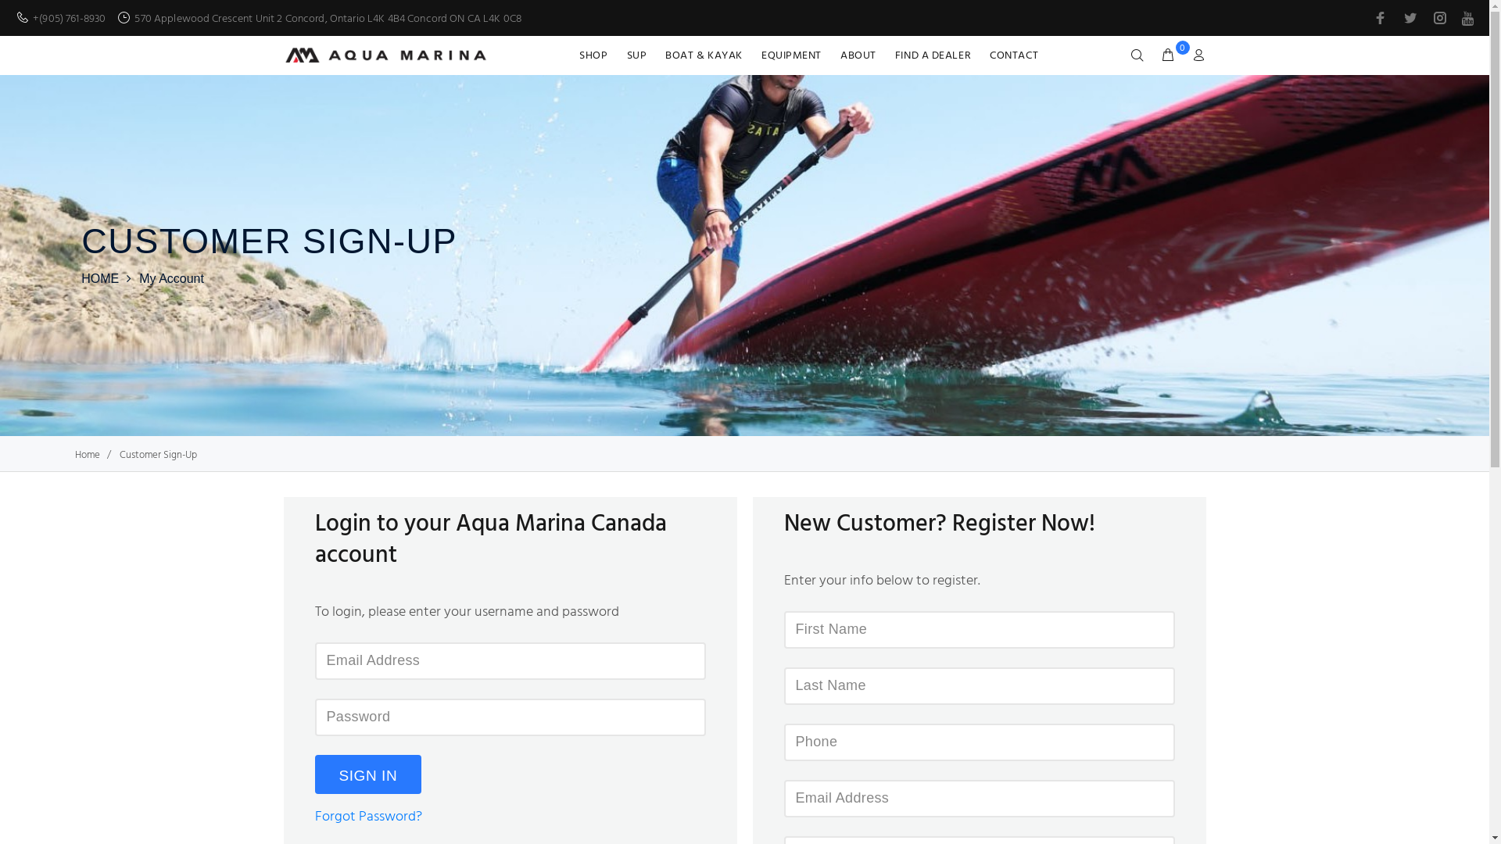 This screenshot has width=1501, height=844. Describe the element at coordinates (1381, 18) in the screenshot. I see `'Facebook'` at that location.